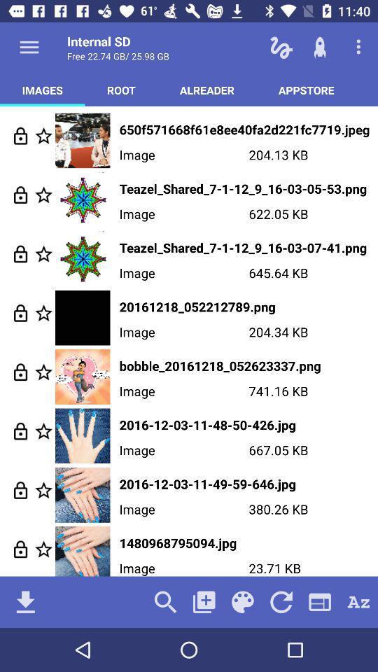 This screenshot has width=378, height=672. I want to click on to favorites, so click(43, 490).